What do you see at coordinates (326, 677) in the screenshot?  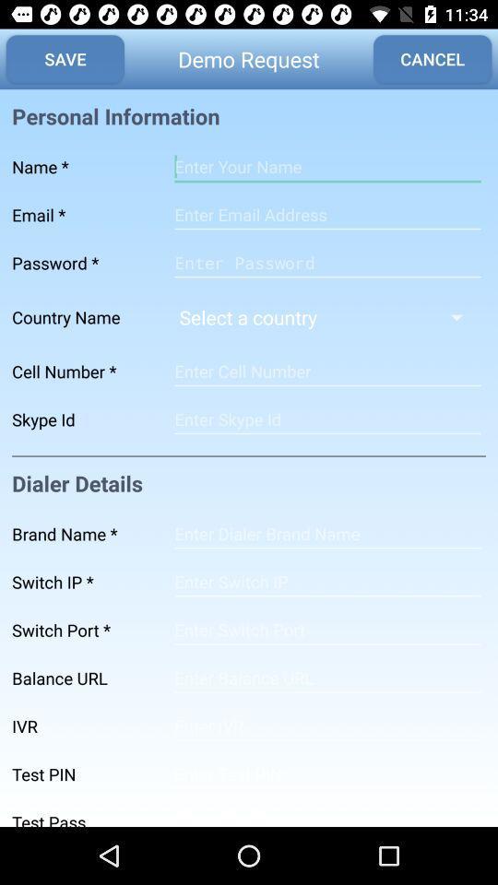 I see `type the text` at bounding box center [326, 677].